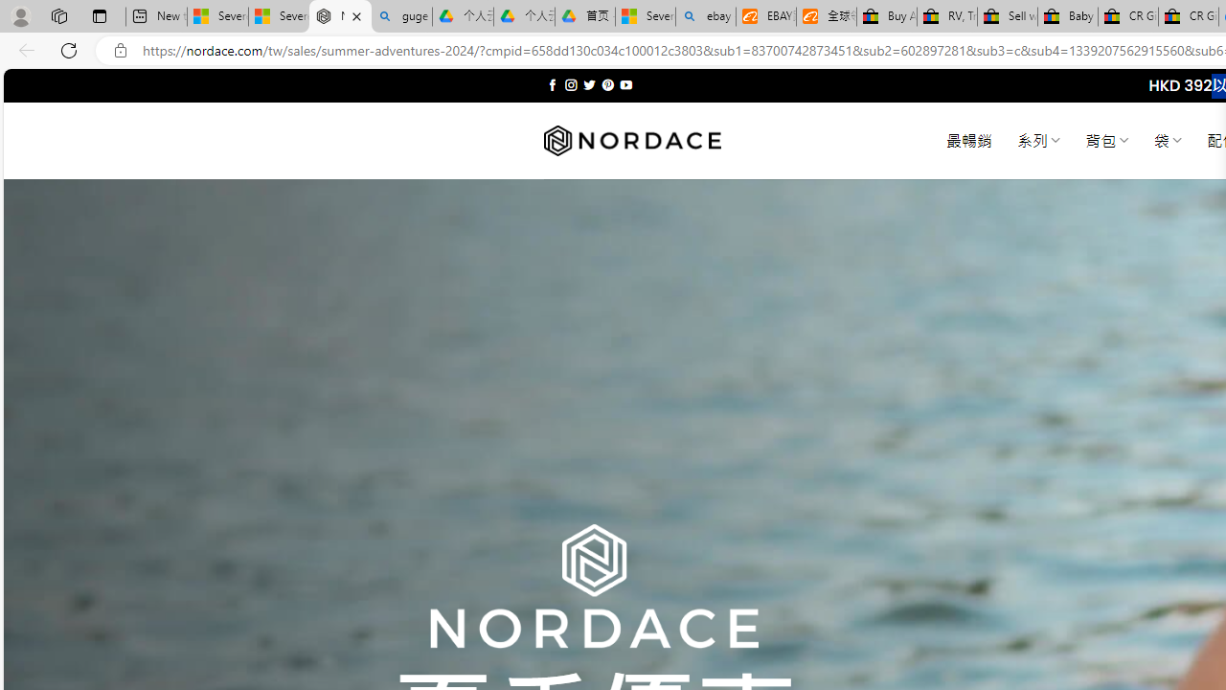 The width and height of the screenshot is (1226, 690). Describe the element at coordinates (400, 16) in the screenshot. I see `'guge yunpan - Search'` at that location.